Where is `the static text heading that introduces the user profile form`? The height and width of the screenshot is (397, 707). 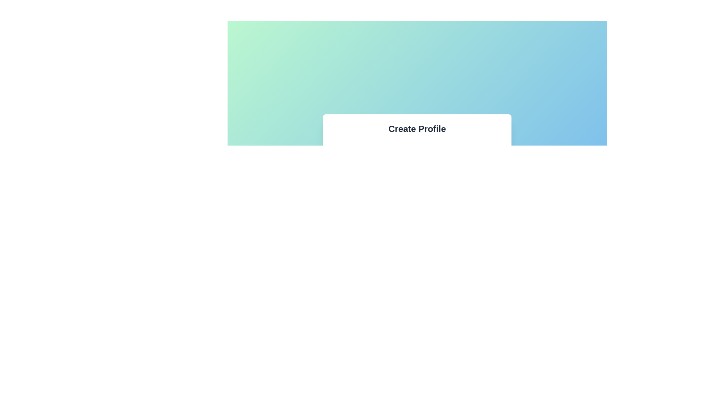 the static text heading that introduces the user profile form is located at coordinates (417, 128).